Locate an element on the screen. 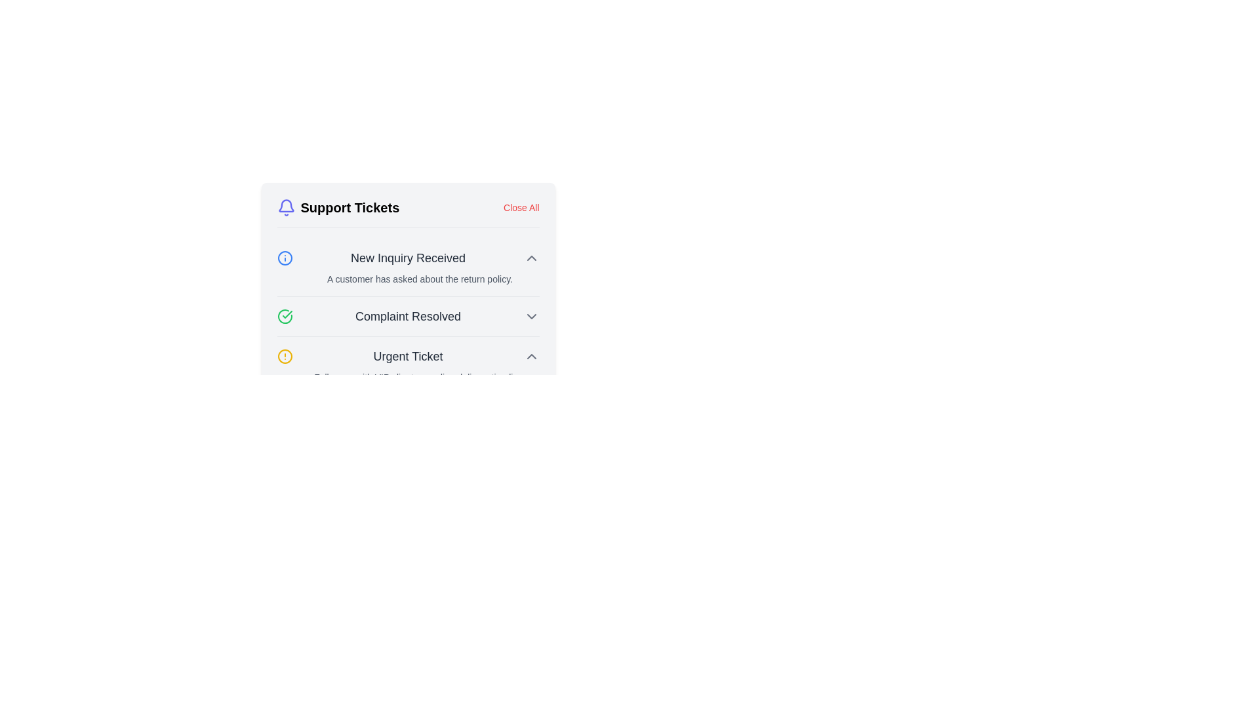 This screenshot has height=708, width=1259. the 'Complaint Resolved' list item is located at coordinates (407, 316).